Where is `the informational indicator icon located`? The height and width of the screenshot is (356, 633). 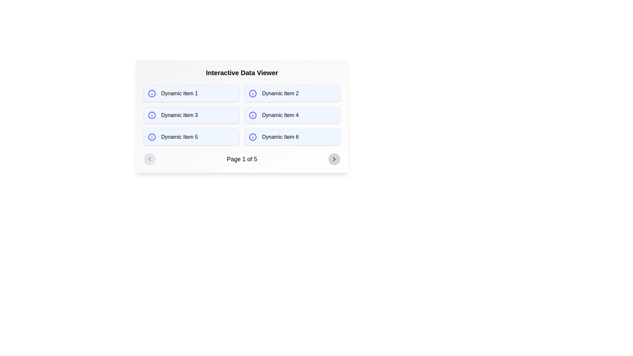
the informational indicator icon located is located at coordinates (151, 94).